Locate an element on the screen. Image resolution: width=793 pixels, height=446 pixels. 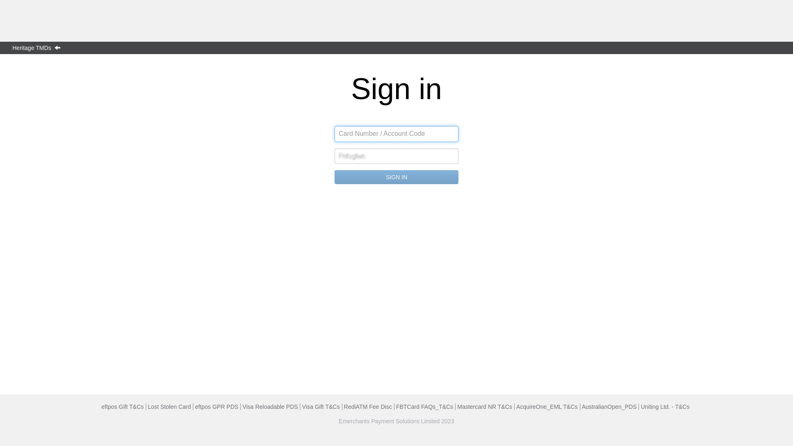
'Lost Stolen Card' is located at coordinates (148, 406).